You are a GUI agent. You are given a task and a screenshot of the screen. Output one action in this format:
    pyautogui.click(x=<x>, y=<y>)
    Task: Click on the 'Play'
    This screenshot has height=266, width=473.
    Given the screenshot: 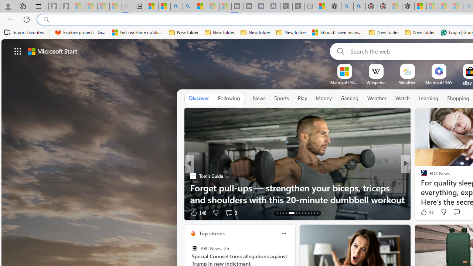 What is the action you would take?
    pyautogui.click(x=302, y=98)
    